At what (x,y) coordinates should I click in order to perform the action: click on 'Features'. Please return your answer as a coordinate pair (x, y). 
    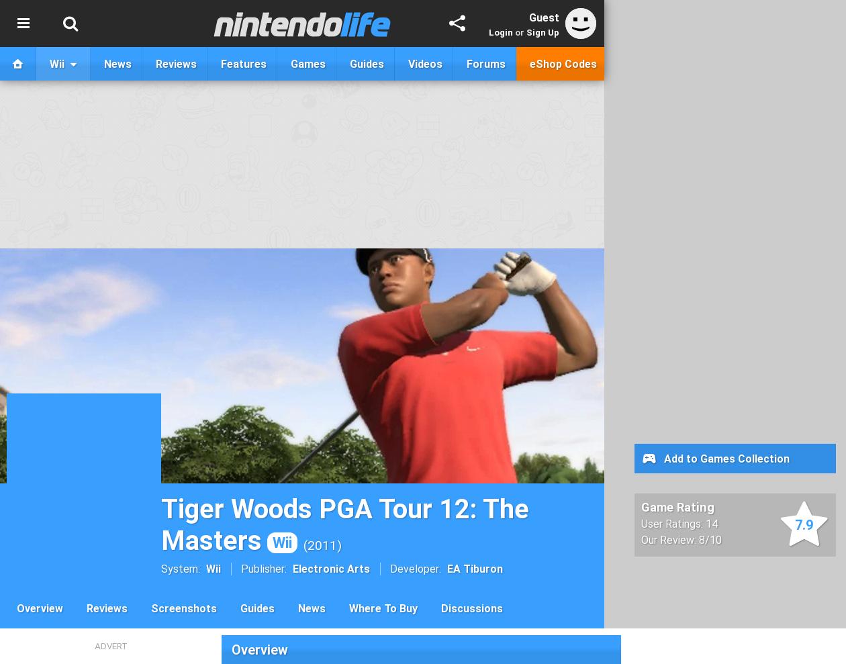
    Looking at the image, I should click on (220, 63).